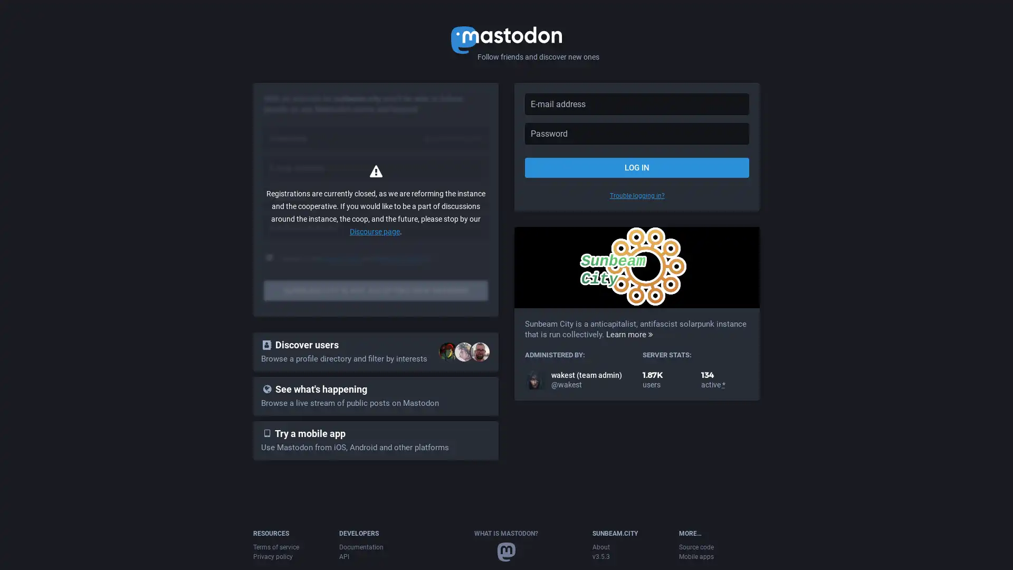 The image size is (1013, 570). I want to click on SUNBEAM.CITY IS NOT ACCEPTING NEW MEMBERS, so click(376, 291).